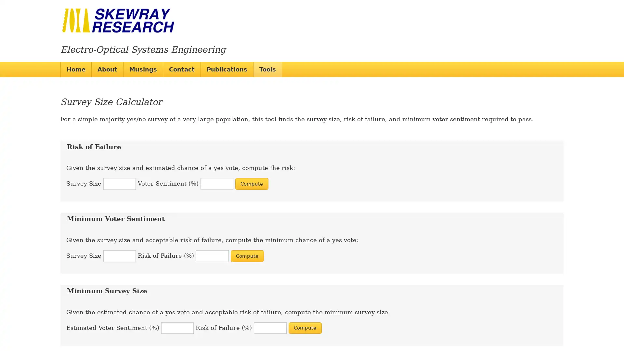 The width and height of the screenshot is (624, 351). Describe the element at coordinates (251, 184) in the screenshot. I see `Compute` at that location.